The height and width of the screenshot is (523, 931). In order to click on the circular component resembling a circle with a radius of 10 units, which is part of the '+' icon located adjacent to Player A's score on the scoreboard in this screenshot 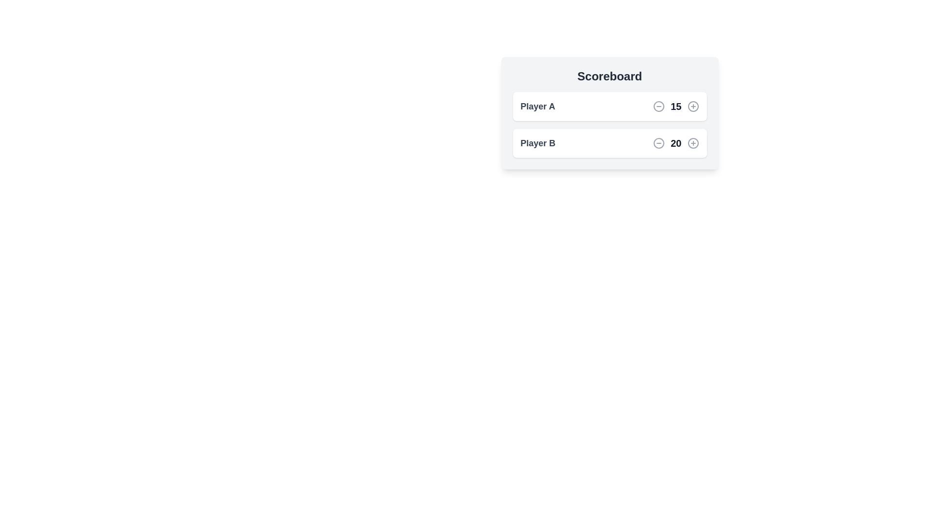, I will do `click(692, 106)`.